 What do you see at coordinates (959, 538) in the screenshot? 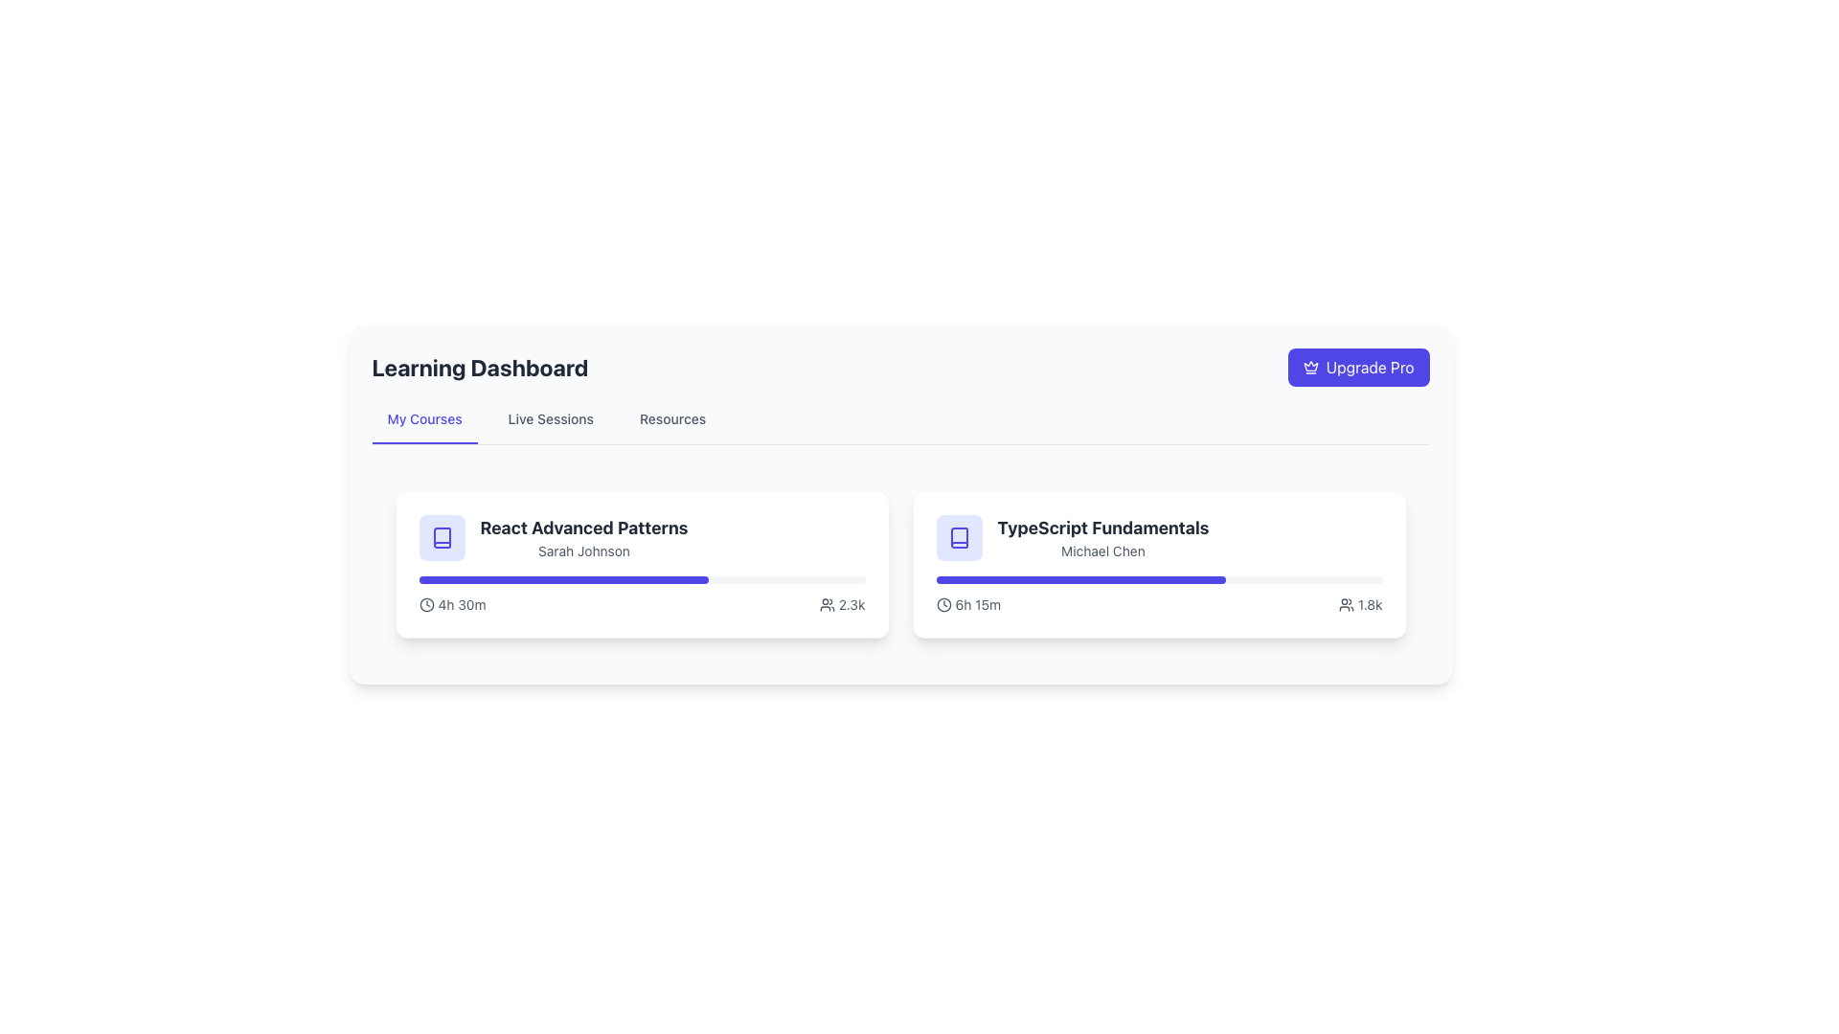
I see `the small, rounded rectangular icon with a light indigo background, located to the left of the 'TypeScript Fundamentals' text and above 'Michael Chen'` at bounding box center [959, 538].